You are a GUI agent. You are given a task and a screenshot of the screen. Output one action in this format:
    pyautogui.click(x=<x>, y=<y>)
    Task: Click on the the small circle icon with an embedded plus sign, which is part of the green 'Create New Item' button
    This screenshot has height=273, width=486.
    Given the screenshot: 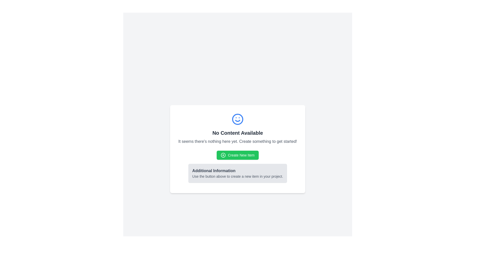 What is the action you would take?
    pyautogui.click(x=223, y=155)
    